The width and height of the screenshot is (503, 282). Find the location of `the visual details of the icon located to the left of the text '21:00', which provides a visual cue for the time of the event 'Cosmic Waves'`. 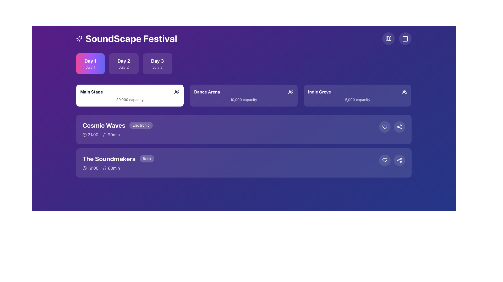

the visual details of the icon located to the left of the text '21:00', which provides a visual cue for the time of the event 'Cosmic Waves' is located at coordinates (84, 134).